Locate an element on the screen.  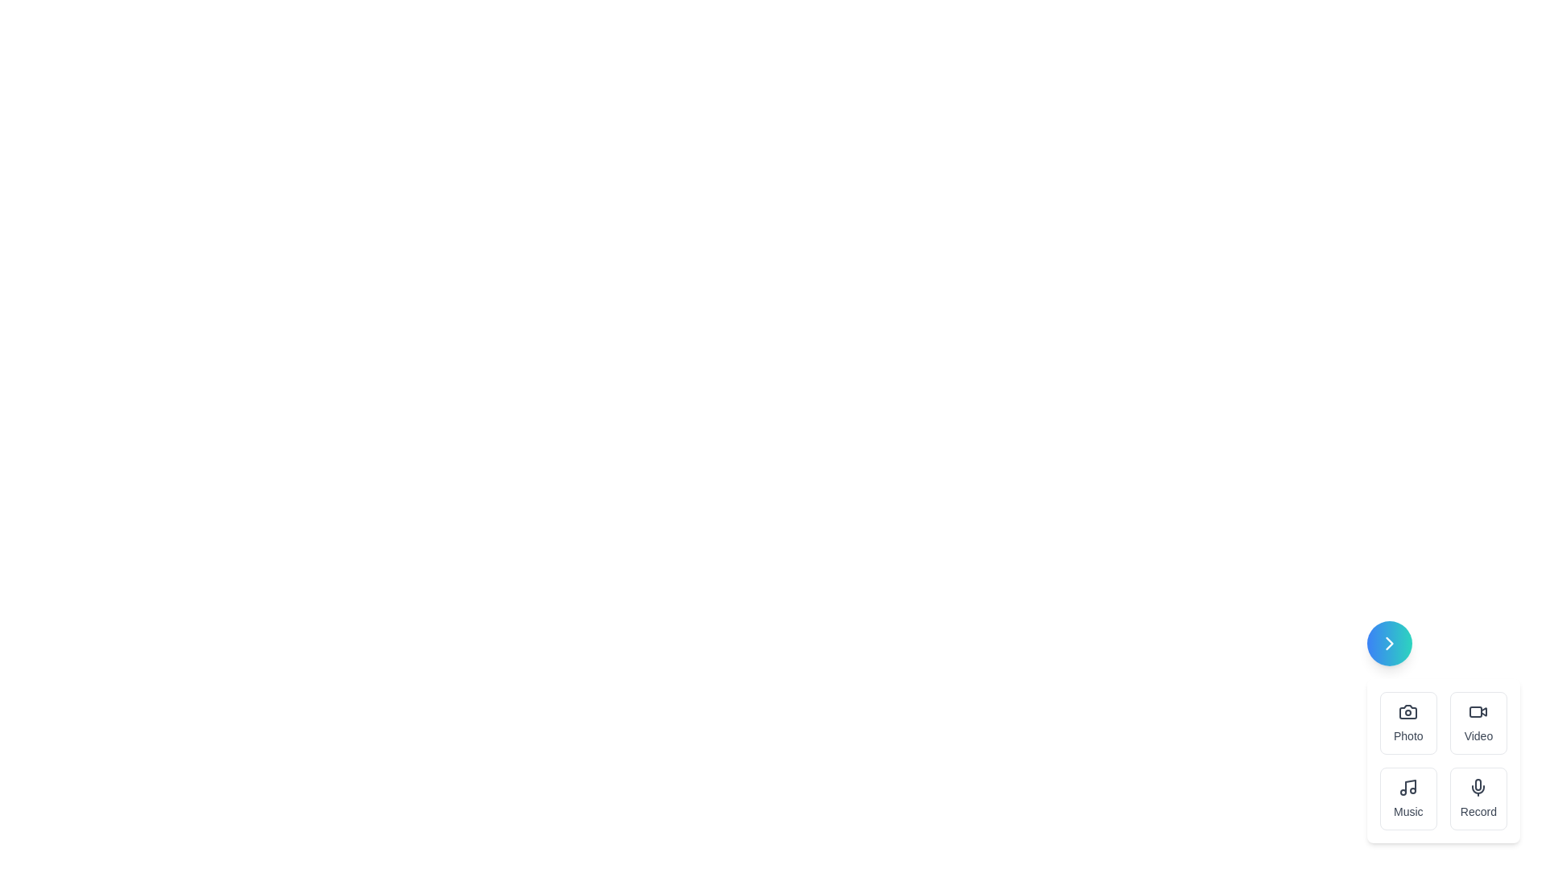
the button labeled Music to see its hover effect is located at coordinates (1408, 798).